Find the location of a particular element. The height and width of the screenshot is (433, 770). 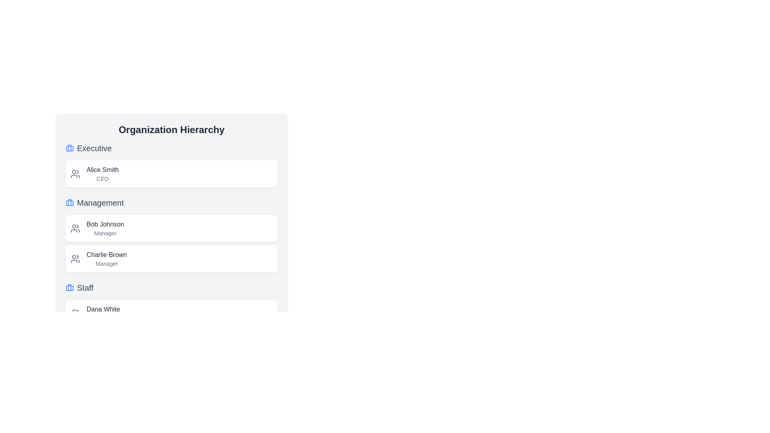

the static text label displaying 'Bob Johnson' in bold, located in the 'Management' section of the organization hierarchy is located at coordinates (105, 224).